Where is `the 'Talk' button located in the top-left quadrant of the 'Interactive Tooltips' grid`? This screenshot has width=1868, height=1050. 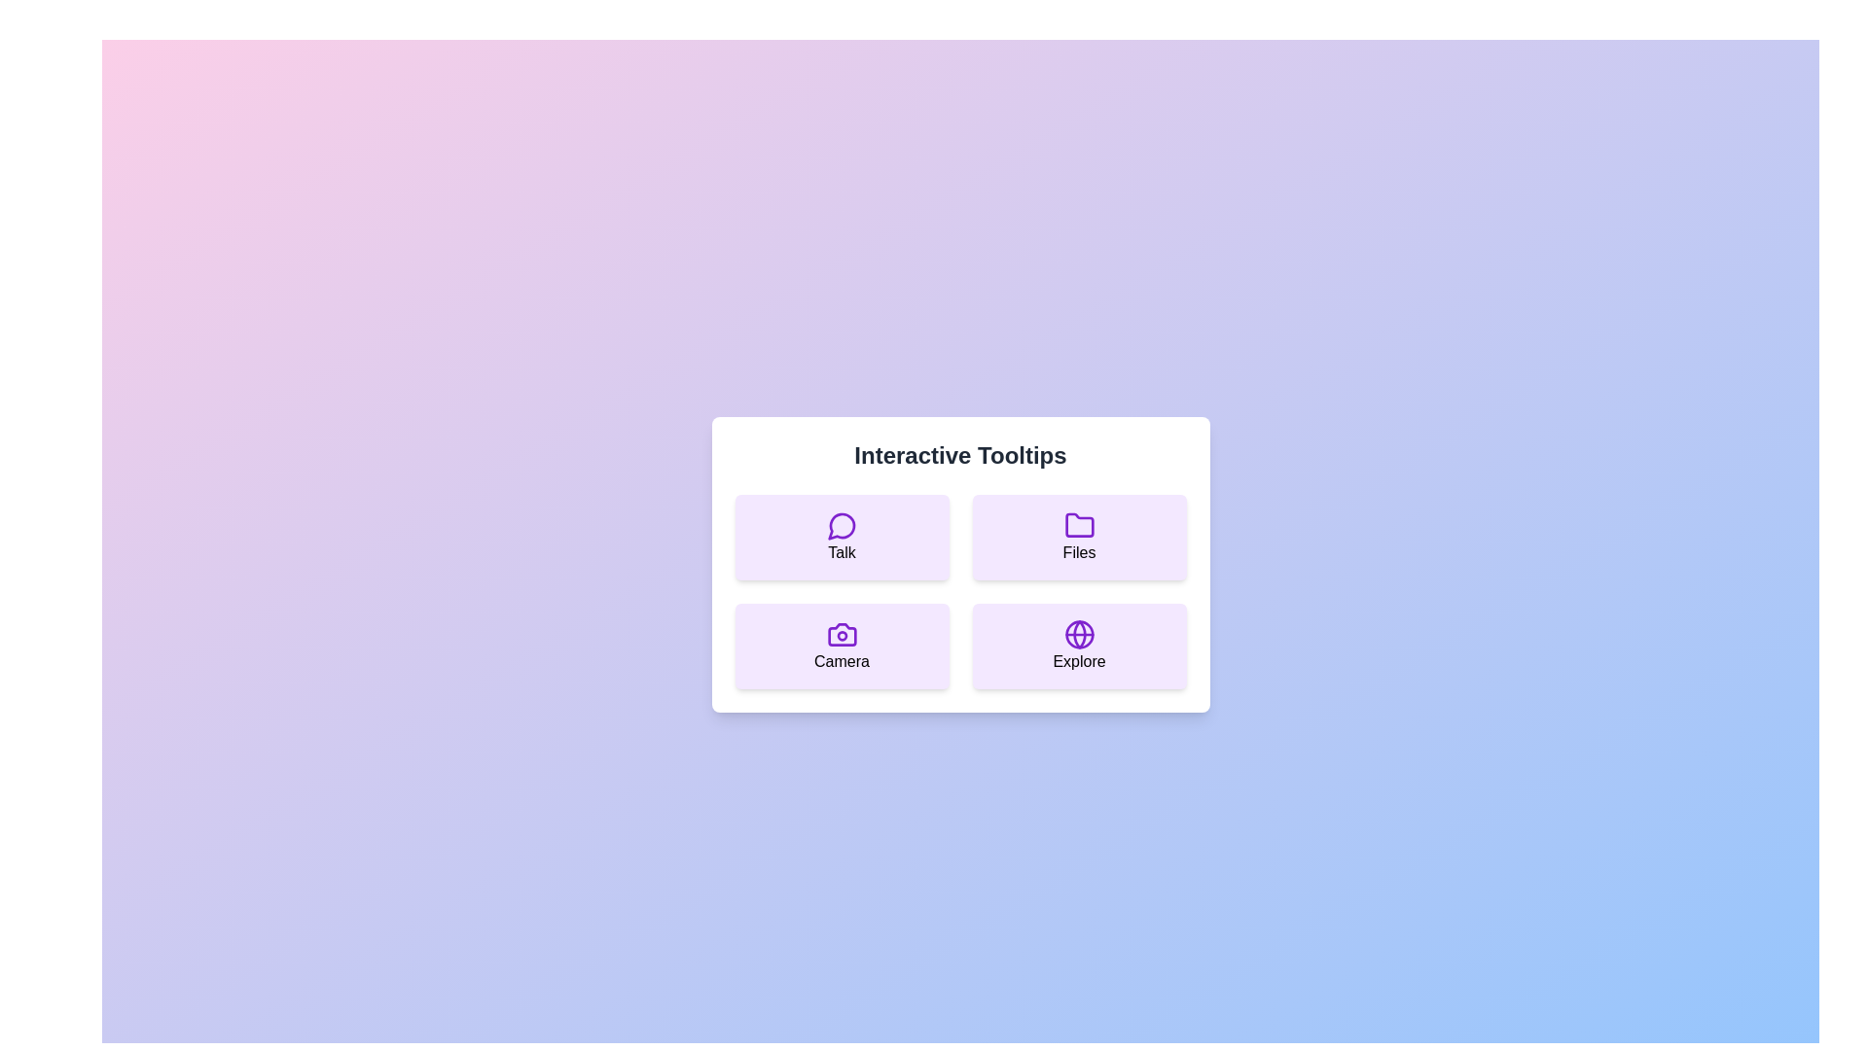
the 'Talk' button located in the top-left quadrant of the 'Interactive Tooltips' grid is located at coordinates (842, 537).